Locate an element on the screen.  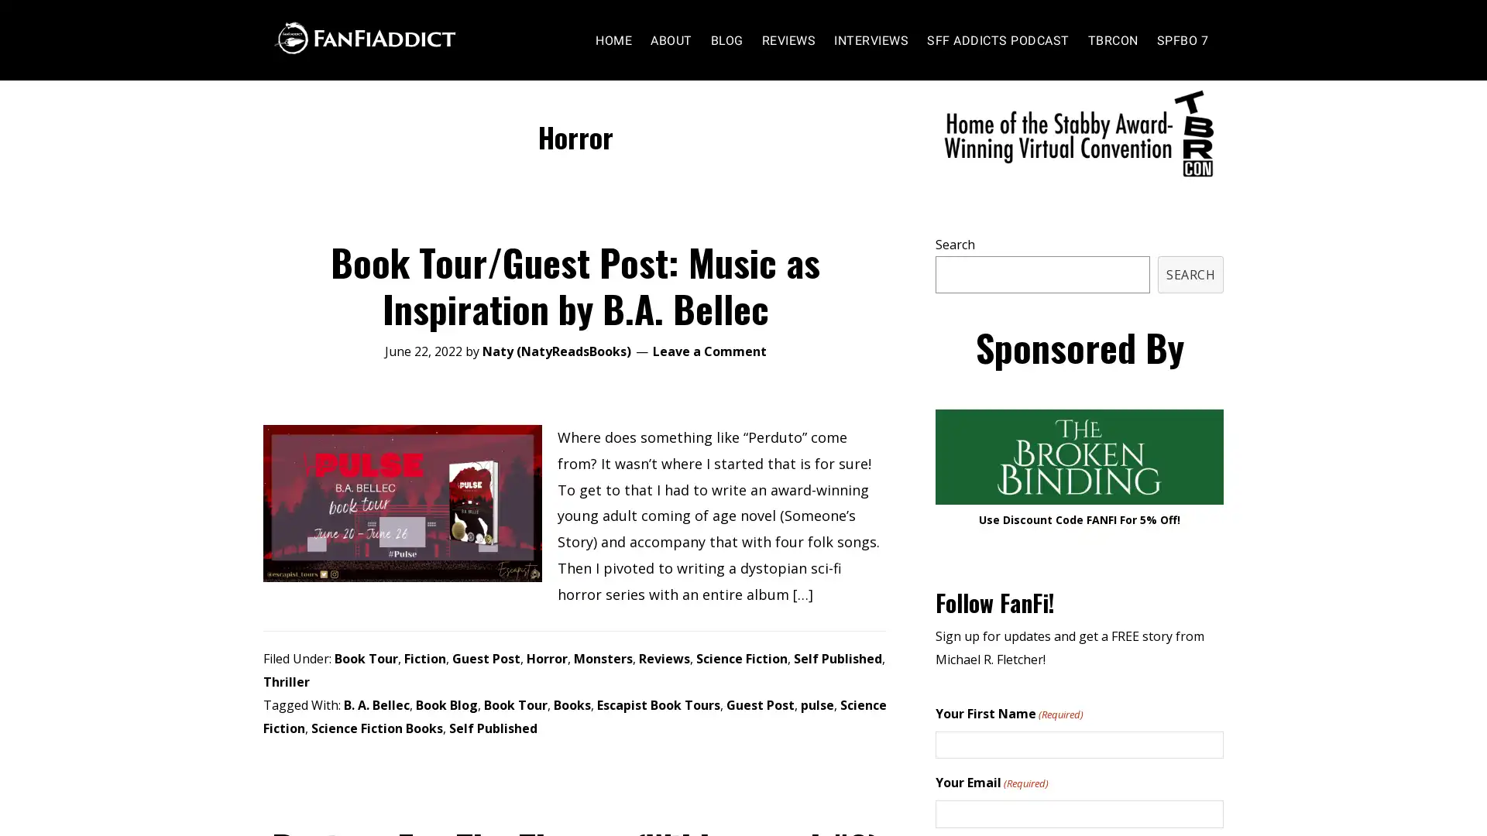
SEARCH is located at coordinates (1190, 304).